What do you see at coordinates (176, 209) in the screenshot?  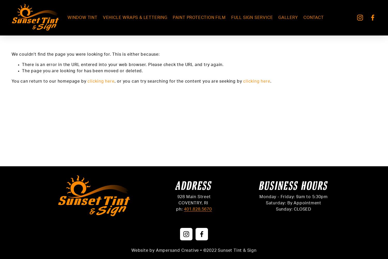 I see `'ph:'` at bounding box center [176, 209].